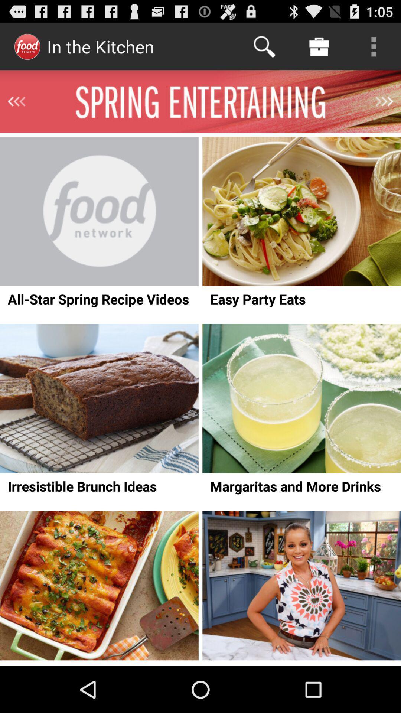 This screenshot has height=713, width=401. I want to click on the icon next to in the kitchen item, so click(264, 46).